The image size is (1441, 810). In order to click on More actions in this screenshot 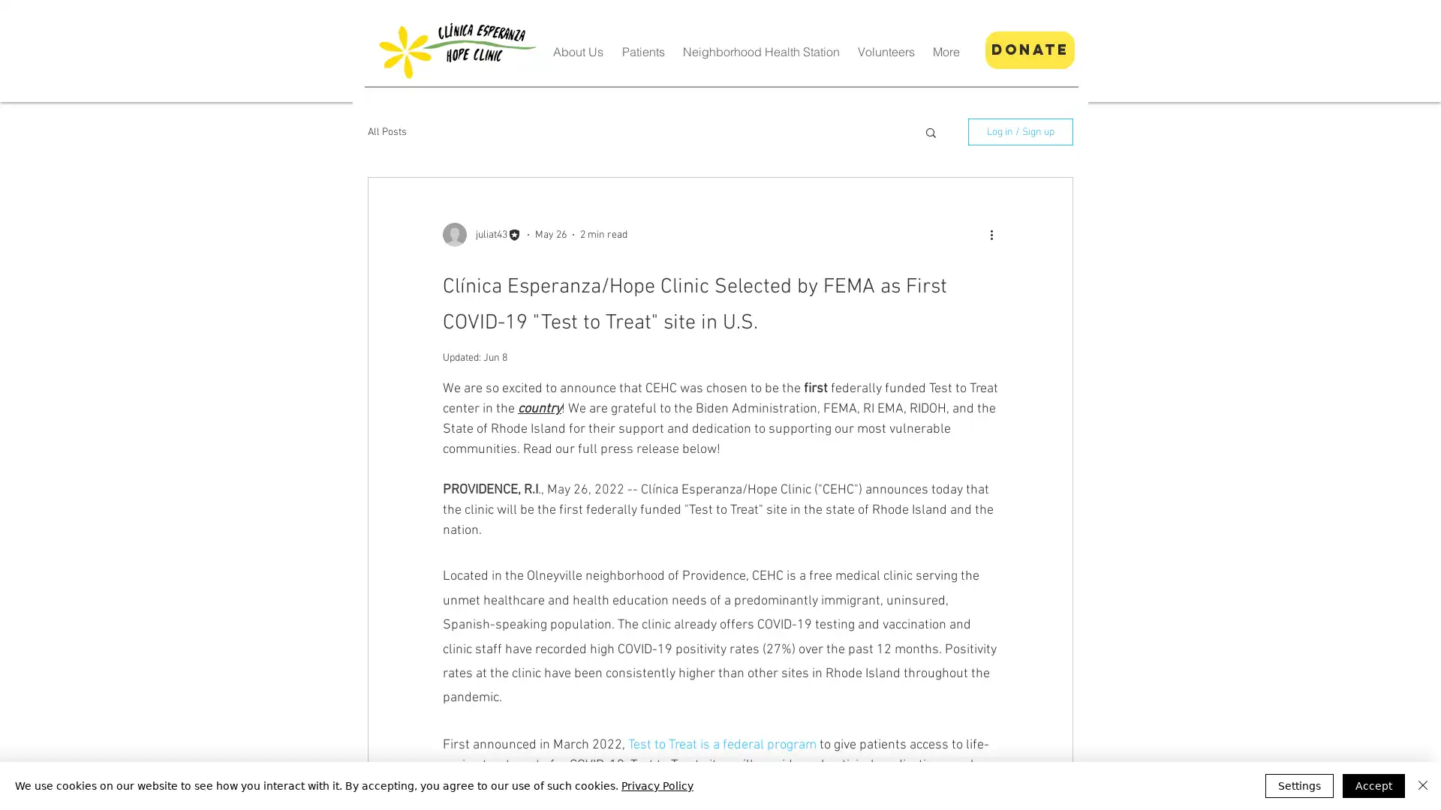, I will do `click(996, 234)`.